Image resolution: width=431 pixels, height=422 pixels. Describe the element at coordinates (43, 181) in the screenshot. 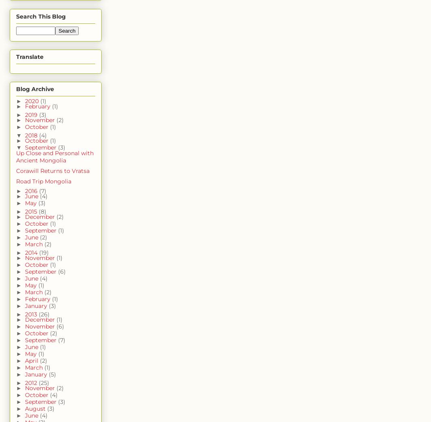

I see `'Road Trip Mongolia'` at that location.